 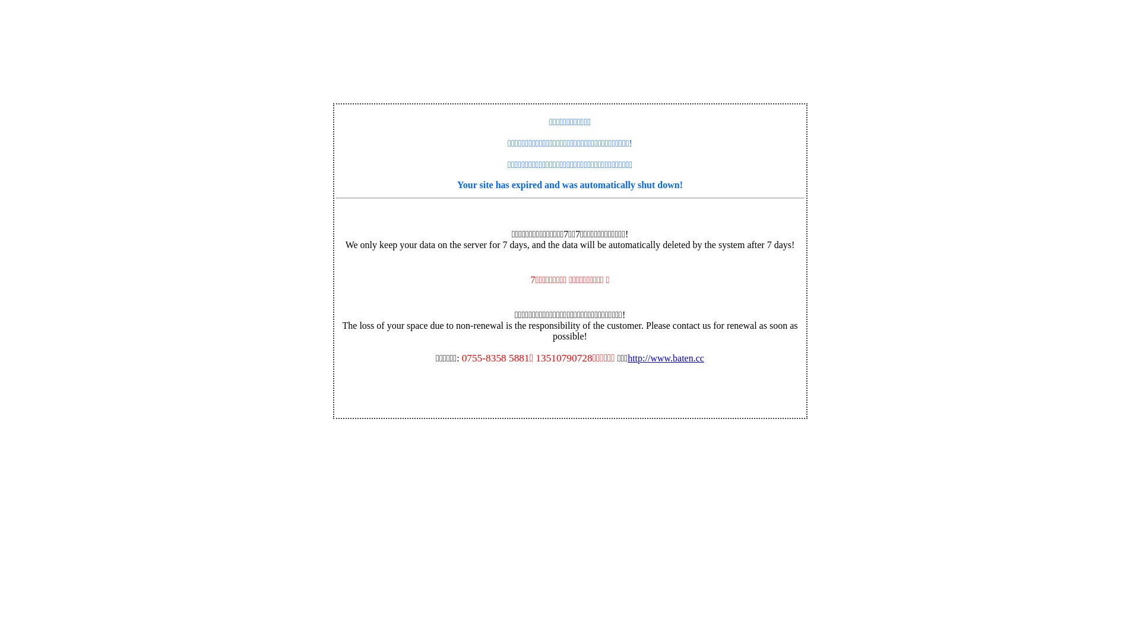 What do you see at coordinates (666, 357) in the screenshot?
I see `'http://www.baten.cc'` at bounding box center [666, 357].